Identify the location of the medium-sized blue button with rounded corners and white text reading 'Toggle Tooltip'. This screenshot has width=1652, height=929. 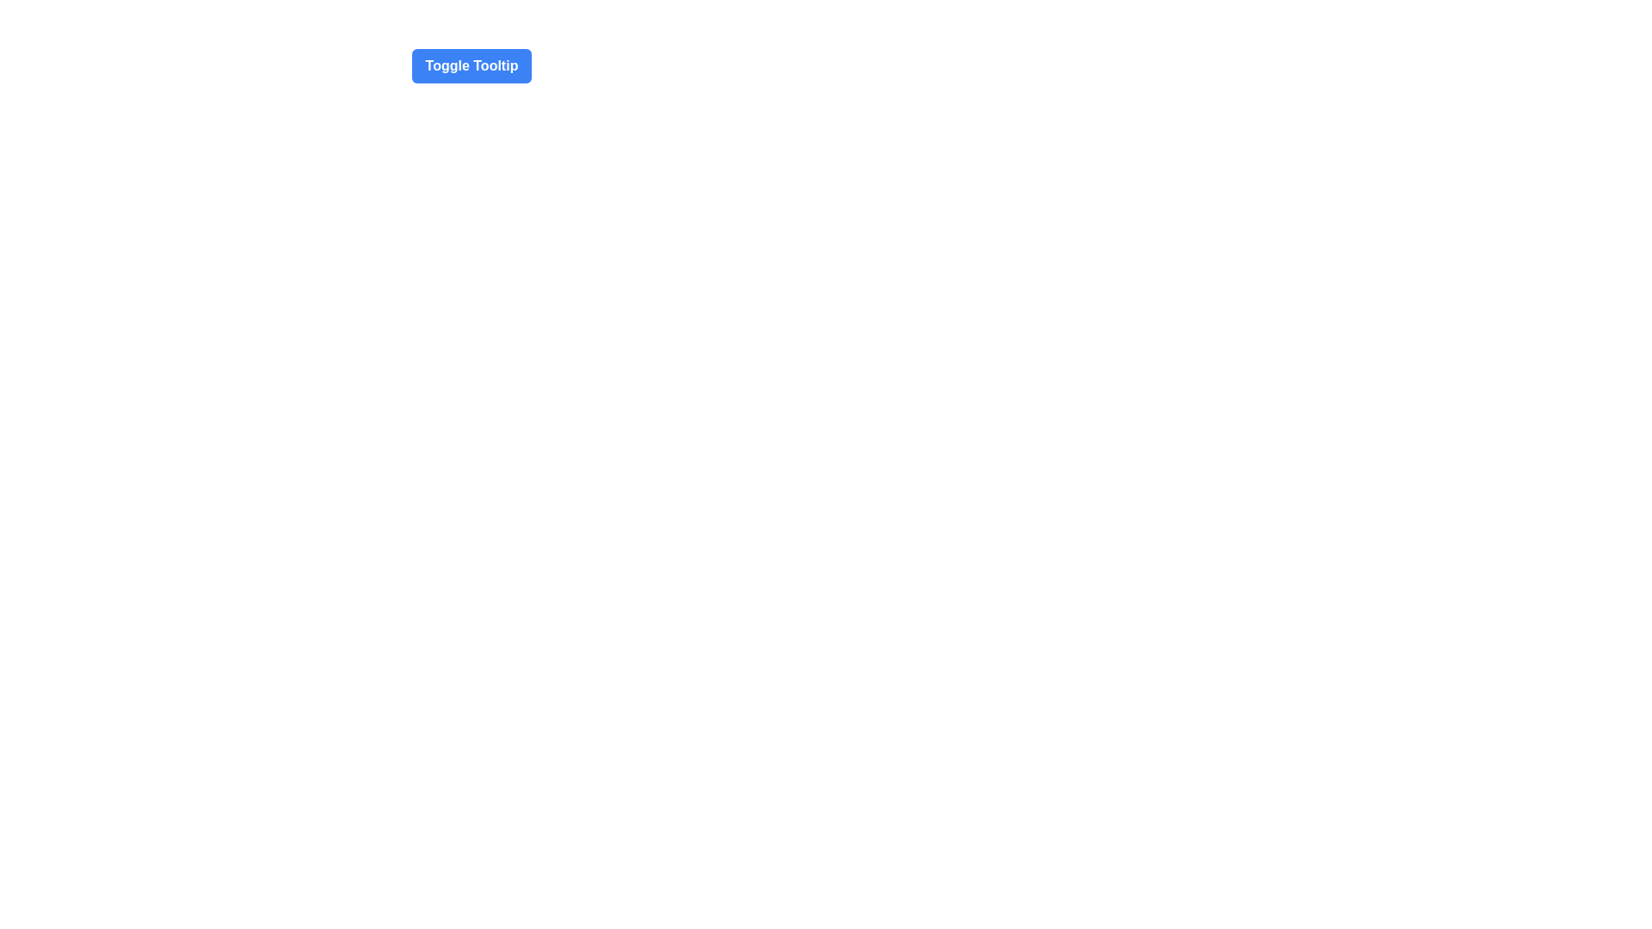
(472, 65).